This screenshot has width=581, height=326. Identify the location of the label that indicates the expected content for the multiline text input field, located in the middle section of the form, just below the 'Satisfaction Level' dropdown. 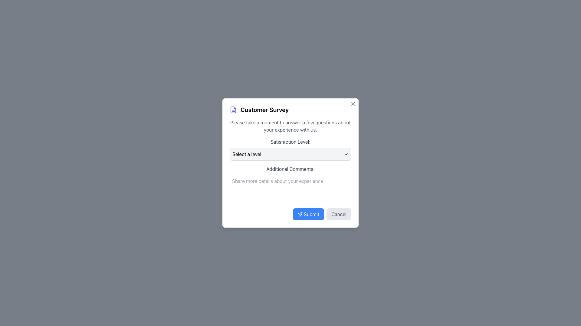
(290, 169).